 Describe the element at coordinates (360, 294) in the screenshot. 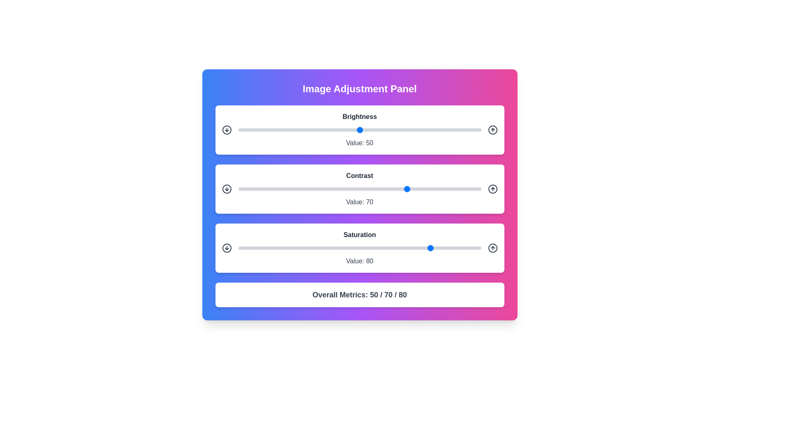

I see `displayed aggregated numerical metrics text located at the bottom of the interface, which summarizes the adjustments made to the sliders labeled 'Brightness,' 'Contrast,' and 'Saturation.'` at that location.